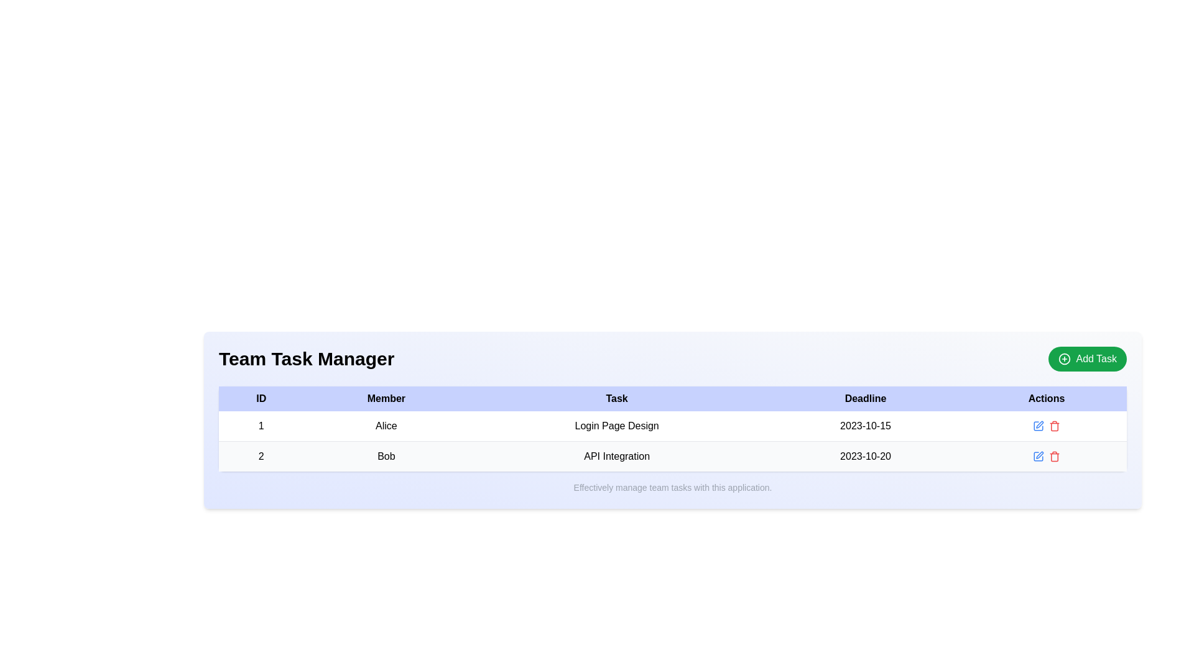 This screenshot has height=671, width=1194. Describe the element at coordinates (865, 398) in the screenshot. I see `the 'Deadline' table header, which is the fourth column header in a table, centrally aligned with a bold font on a light blue background` at that location.